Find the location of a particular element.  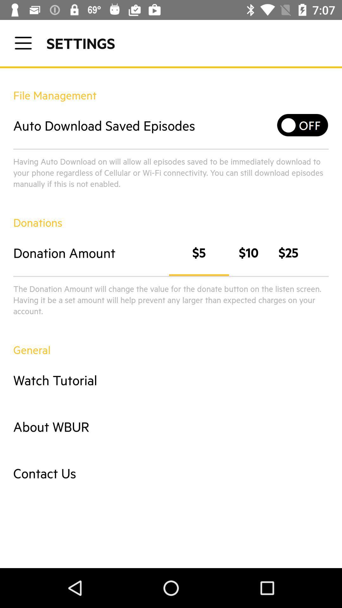

the item below the watch tutorial item is located at coordinates (171, 427).